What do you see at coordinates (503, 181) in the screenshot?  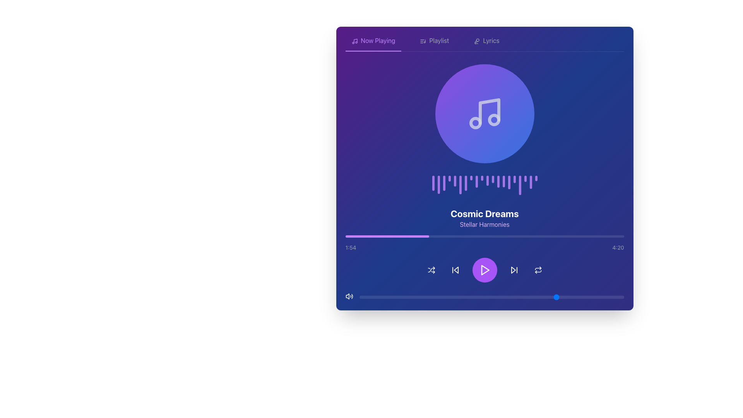 I see `the 14th decorative bar element in the waveform display, which is part of a sequence of 20 bars arranged horizontally` at bounding box center [503, 181].